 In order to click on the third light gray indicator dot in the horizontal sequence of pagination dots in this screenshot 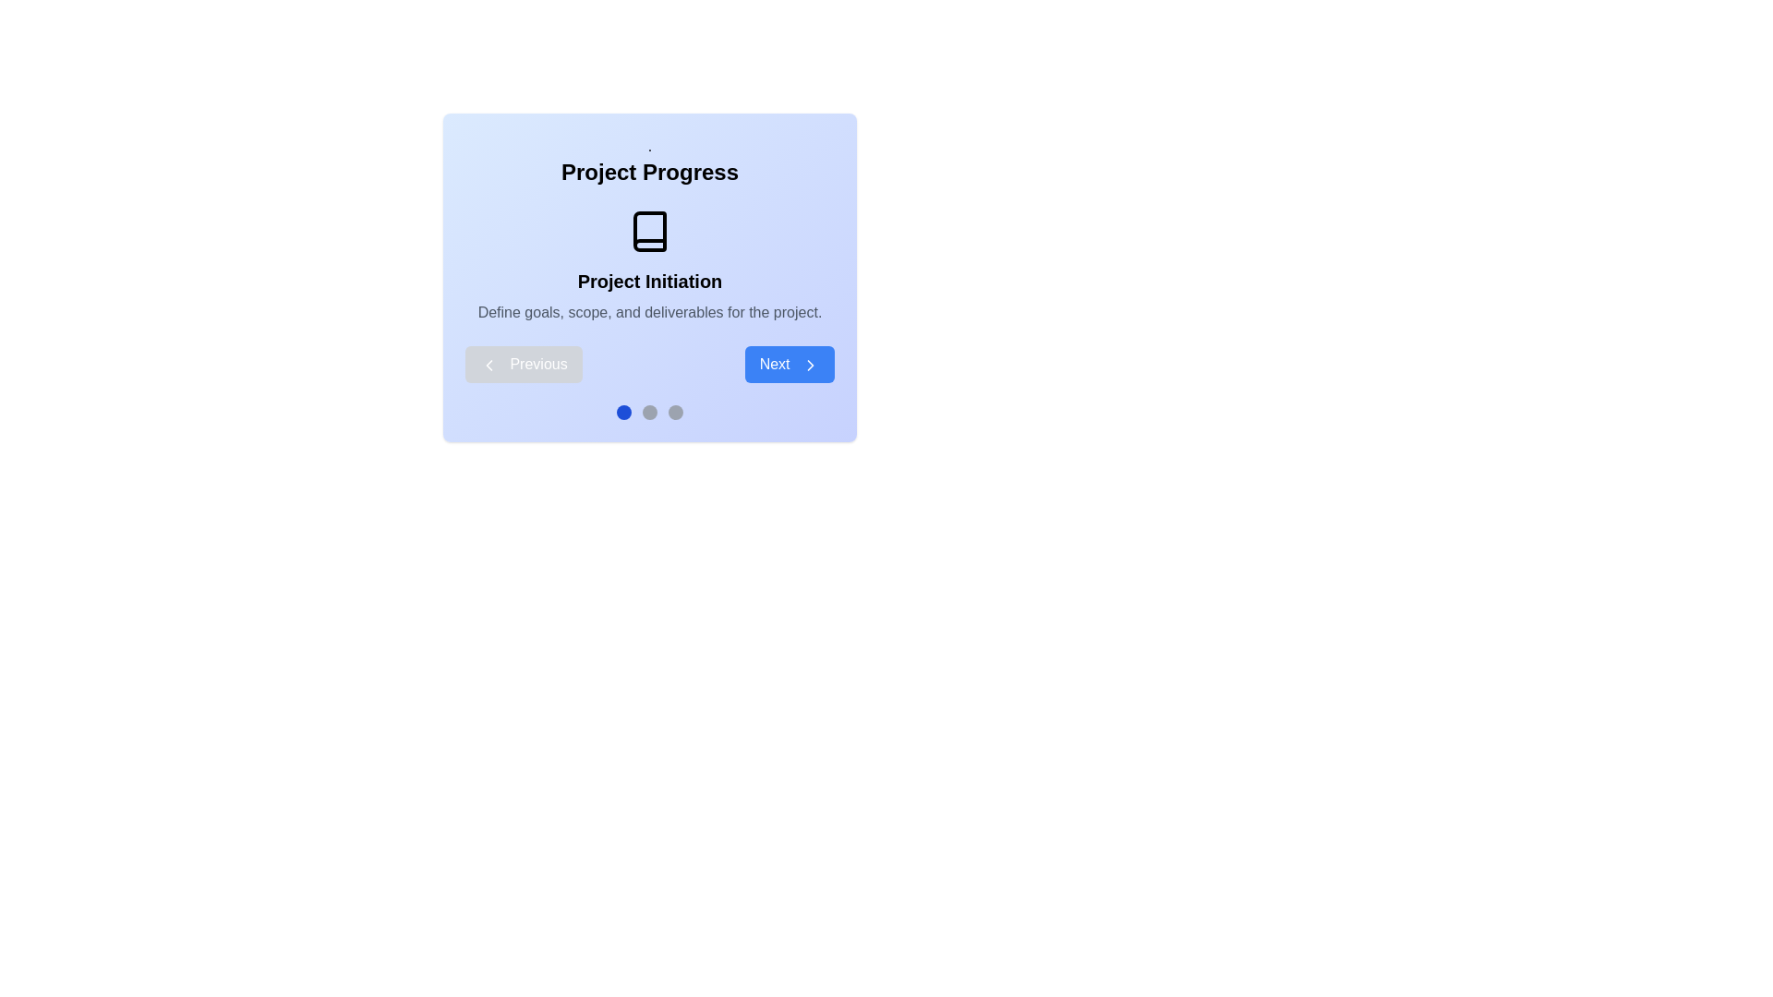, I will do `click(674, 412)`.